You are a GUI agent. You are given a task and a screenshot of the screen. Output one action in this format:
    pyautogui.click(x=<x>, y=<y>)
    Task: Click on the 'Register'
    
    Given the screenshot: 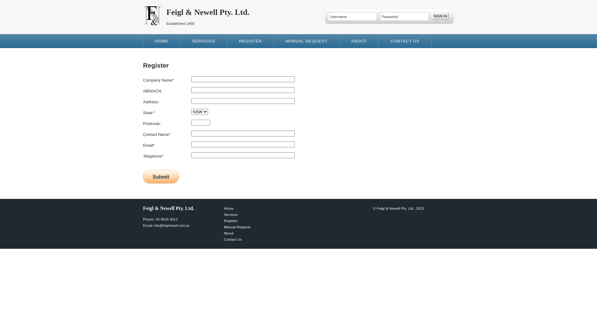 What is the action you would take?
    pyautogui.click(x=230, y=220)
    